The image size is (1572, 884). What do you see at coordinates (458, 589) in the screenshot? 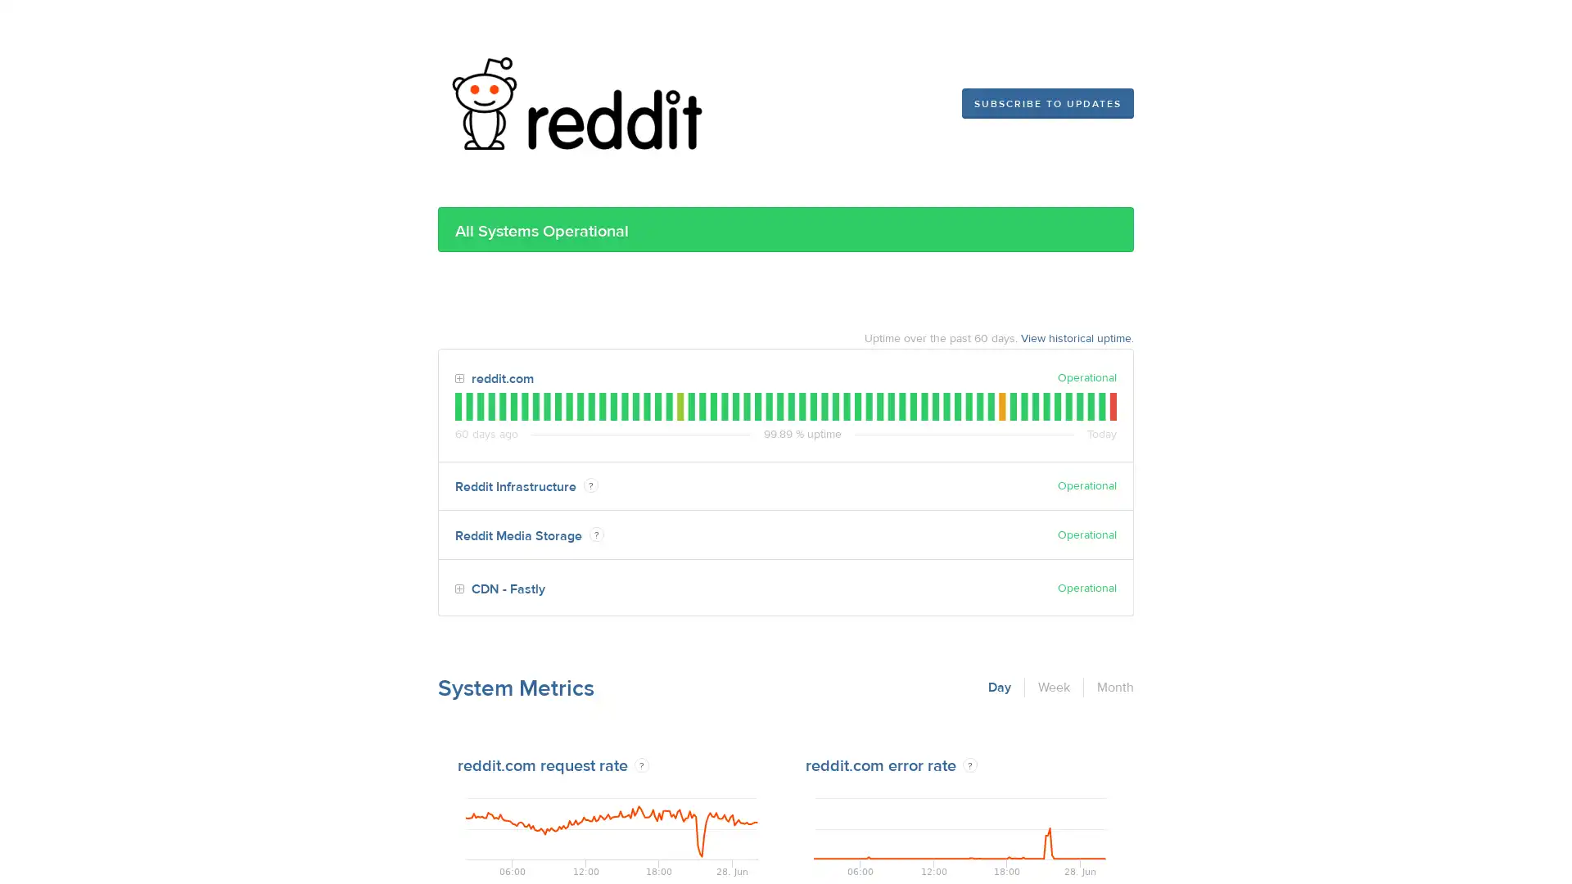
I see `Toggle CDN - Fastly` at bounding box center [458, 589].